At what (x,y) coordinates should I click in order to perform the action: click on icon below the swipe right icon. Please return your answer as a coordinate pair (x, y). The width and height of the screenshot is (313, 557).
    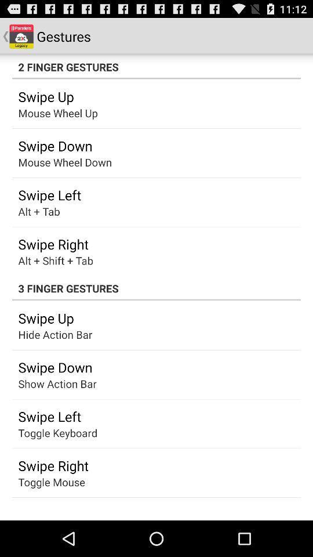
    Looking at the image, I should click on (51, 482).